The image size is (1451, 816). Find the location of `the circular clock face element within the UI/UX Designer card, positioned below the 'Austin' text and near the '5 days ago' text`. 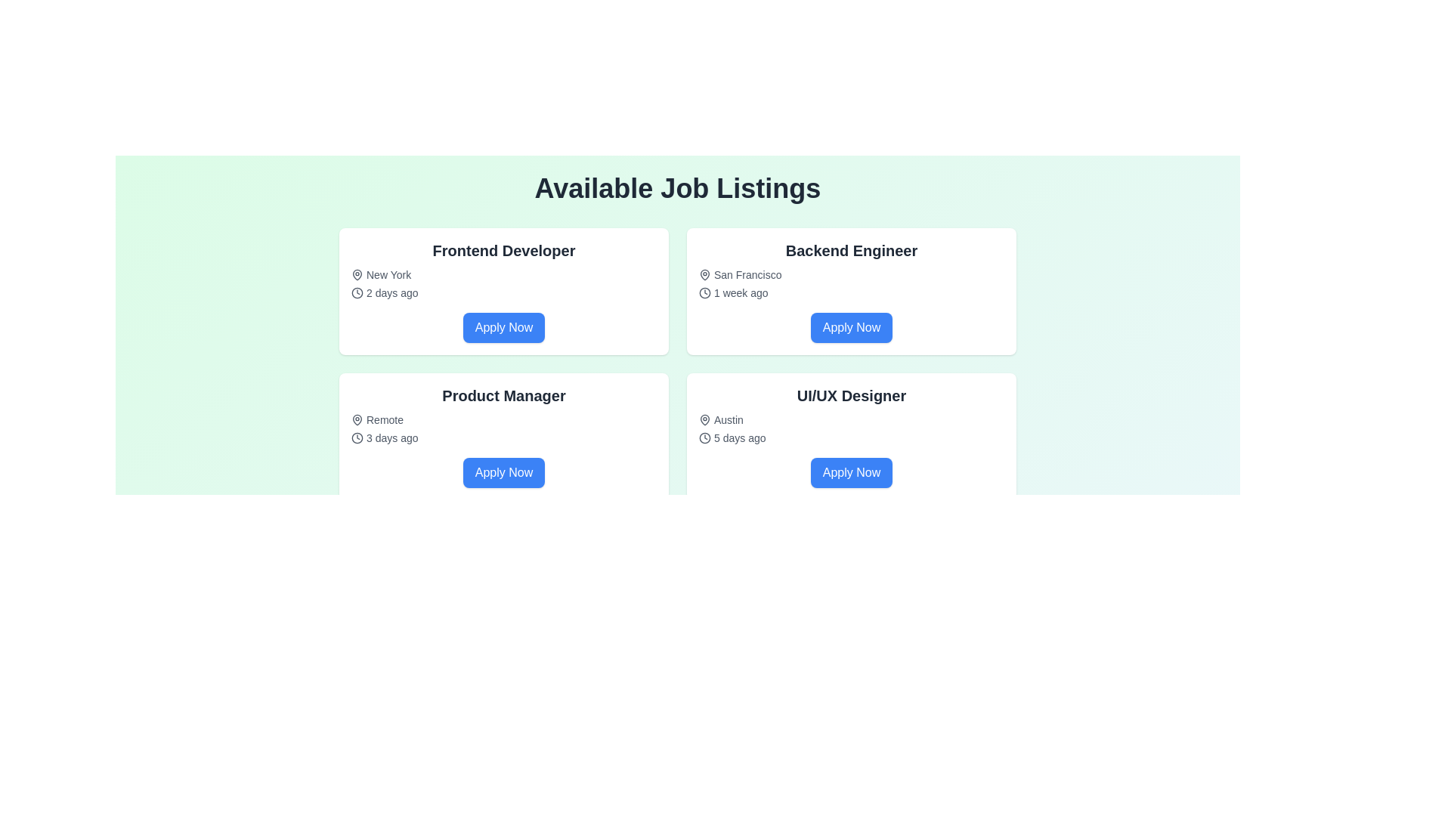

the circular clock face element within the UI/UX Designer card, positioned below the 'Austin' text and near the '5 days ago' text is located at coordinates (704, 437).